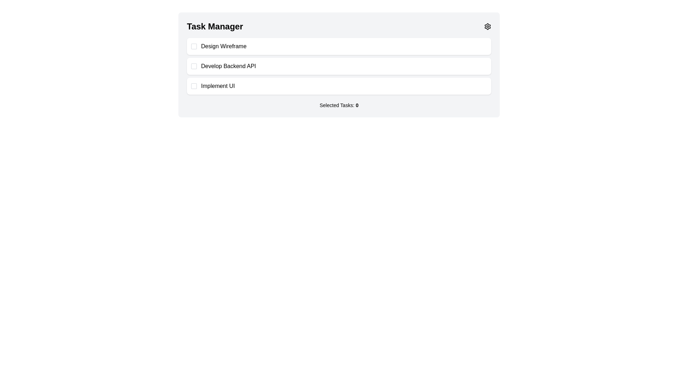 The height and width of the screenshot is (383, 681). I want to click on the 'Implement UI' task card, which is the third item in a vertically stacked list of tasks, so click(338, 86).